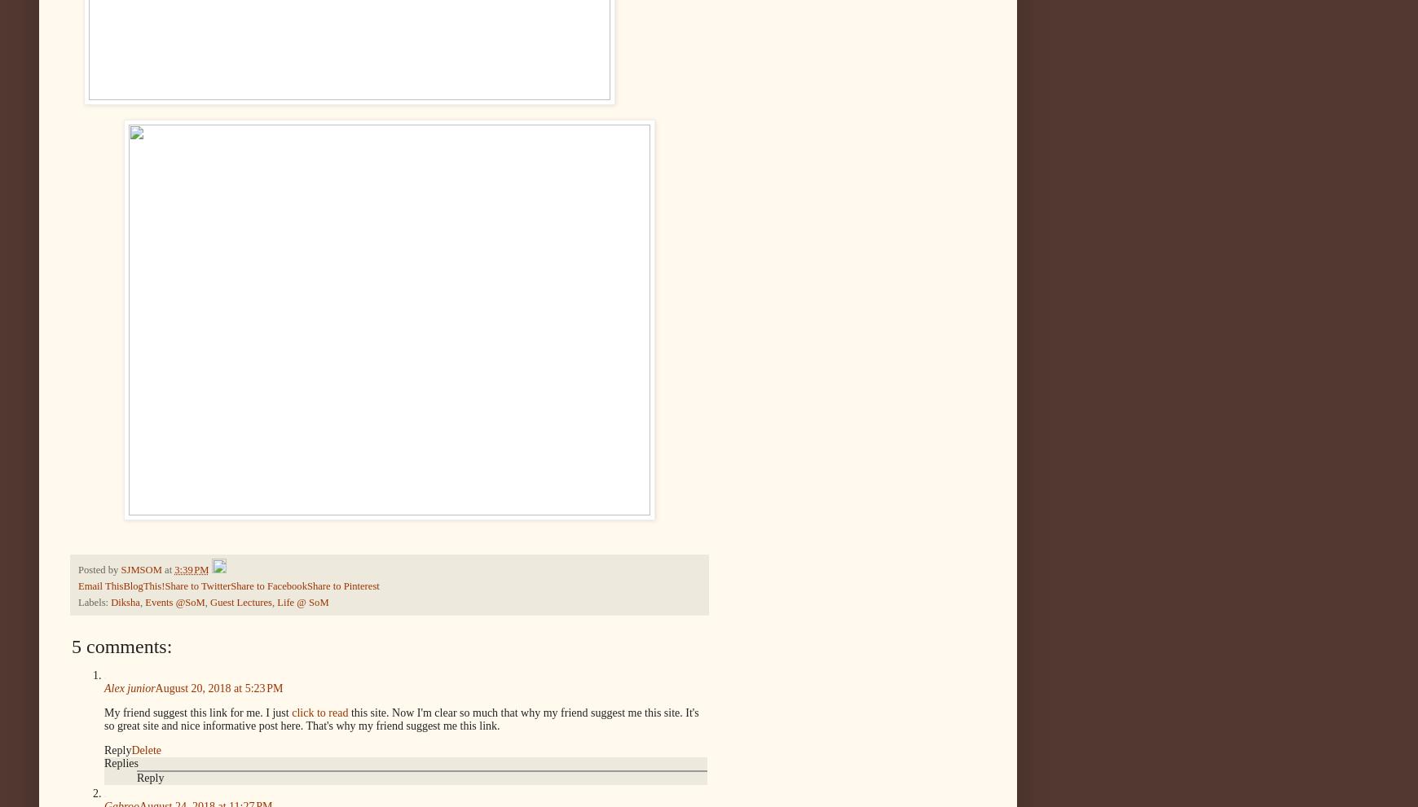 The height and width of the screenshot is (807, 1418). Describe the element at coordinates (143, 585) in the screenshot. I see `'BlogThis!'` at that location.